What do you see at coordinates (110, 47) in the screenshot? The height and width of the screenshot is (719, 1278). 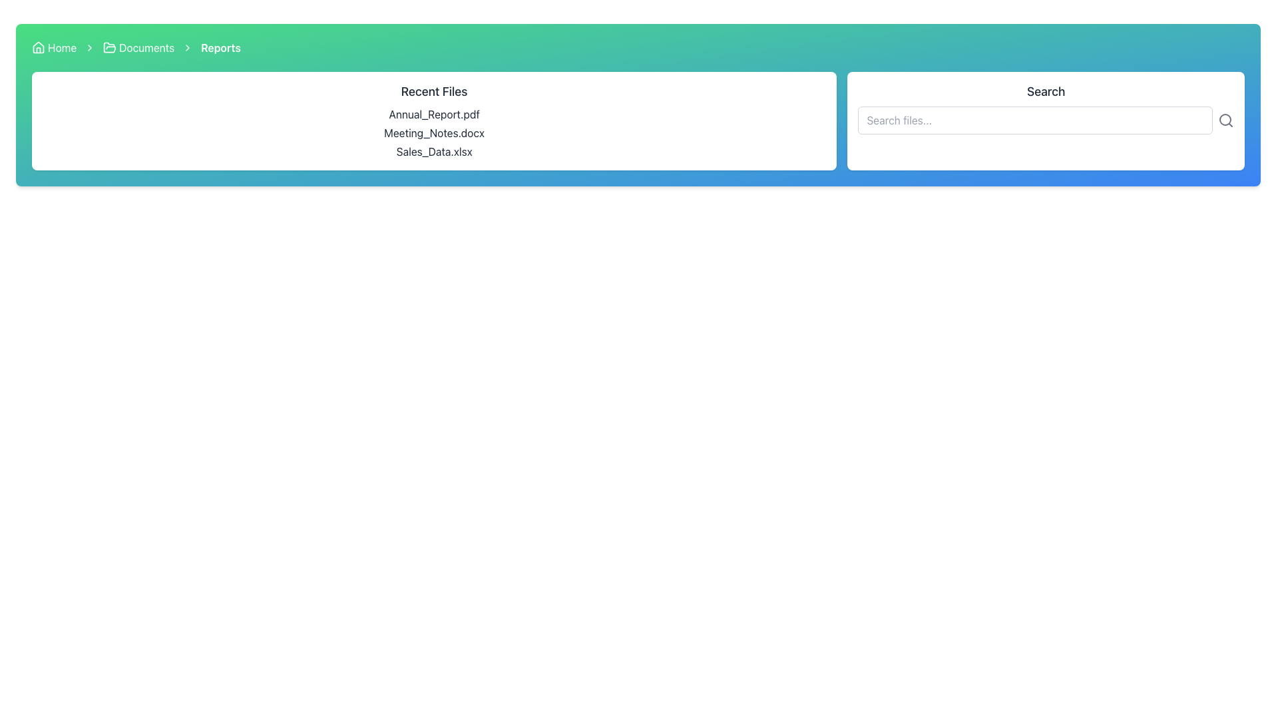 I see `the open folder icon located to the left of the 'Documents' text link in the breadcrumb navigation bar` at bounding box center [110, 47].